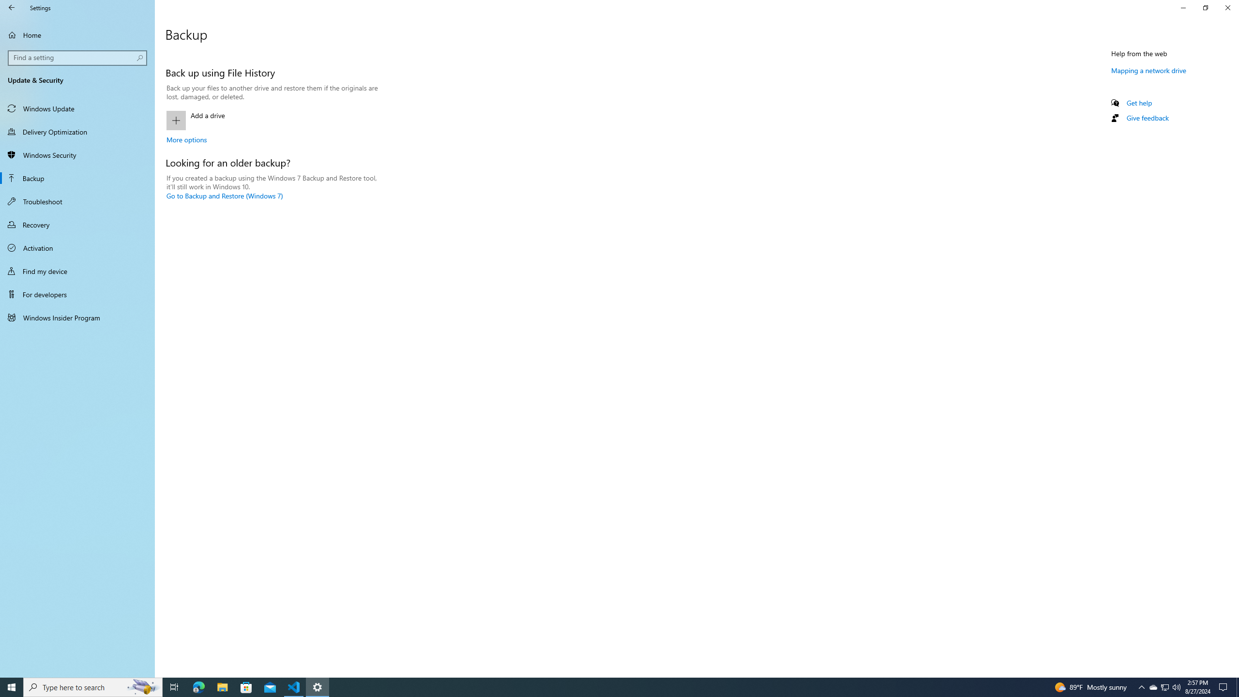 This screenshot has width=1239, height=697. Describe the element at coordinates (77, 294) in the screenshot. I see `'For developers'` at that location.